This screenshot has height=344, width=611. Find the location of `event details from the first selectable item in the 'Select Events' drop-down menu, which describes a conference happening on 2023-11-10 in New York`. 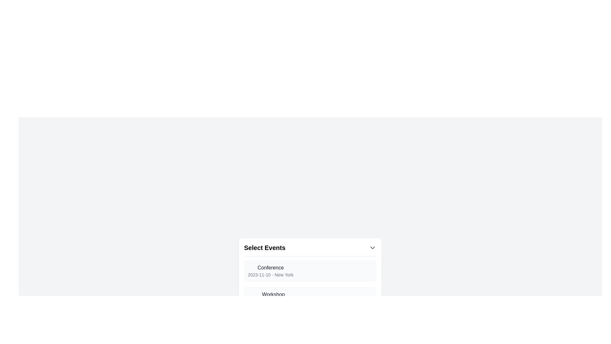

event details from the first selectable item in the 'Select Events' drop-down menu, which describes a conference happening on 2023-11-10 in New York is located at coordinates (270, 271).